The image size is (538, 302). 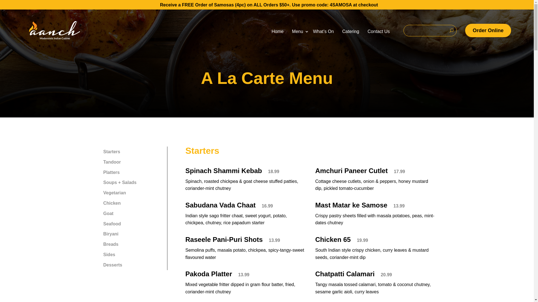 I want to click on 'Home', so click(x=267, y=31).